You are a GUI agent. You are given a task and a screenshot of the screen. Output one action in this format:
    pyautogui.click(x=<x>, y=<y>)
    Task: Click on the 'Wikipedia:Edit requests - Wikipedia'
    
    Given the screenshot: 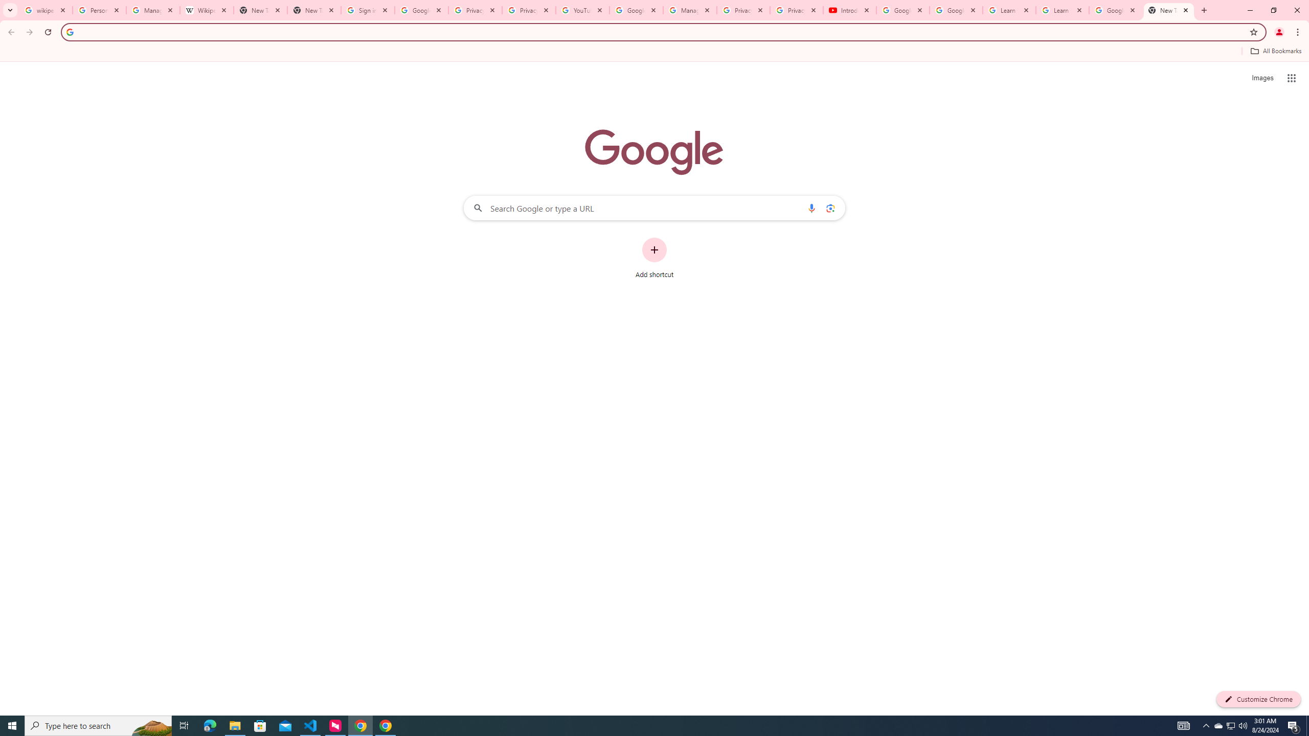 What is the action you would take?
    pyautogui.click(x=206, y=10)
    